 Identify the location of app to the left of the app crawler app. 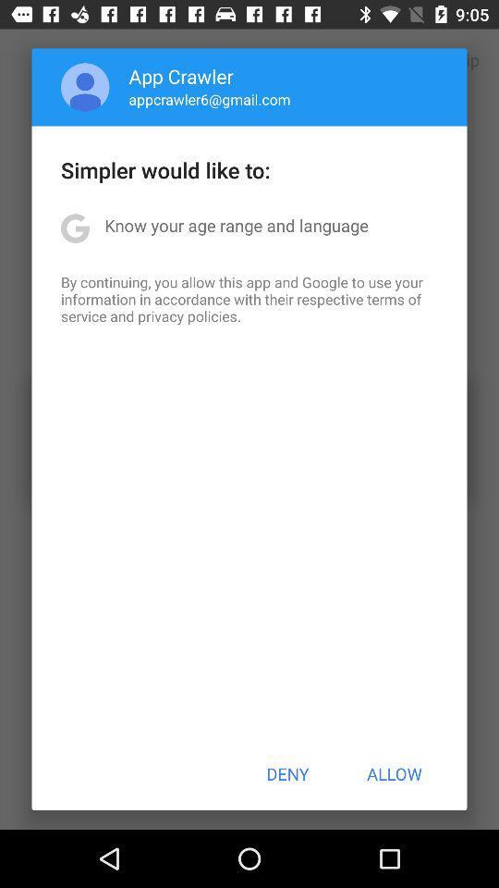
(84, 87).